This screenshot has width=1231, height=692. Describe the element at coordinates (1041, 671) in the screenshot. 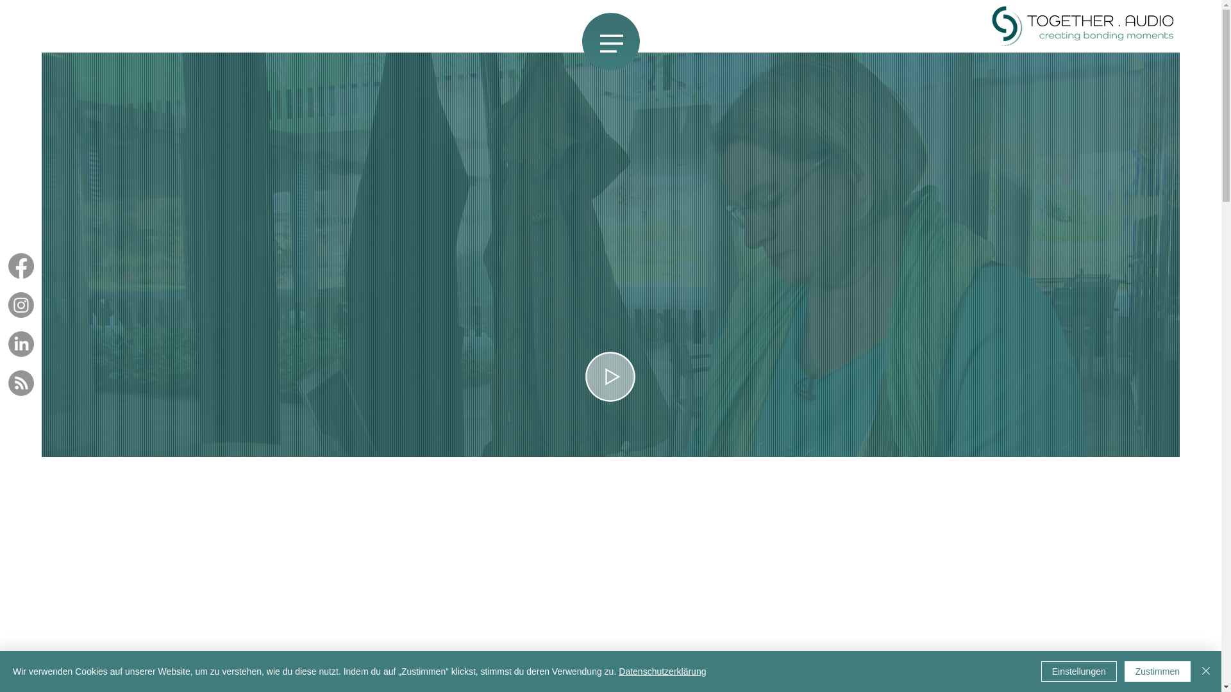

I see `'Einstellungen'` at that location.